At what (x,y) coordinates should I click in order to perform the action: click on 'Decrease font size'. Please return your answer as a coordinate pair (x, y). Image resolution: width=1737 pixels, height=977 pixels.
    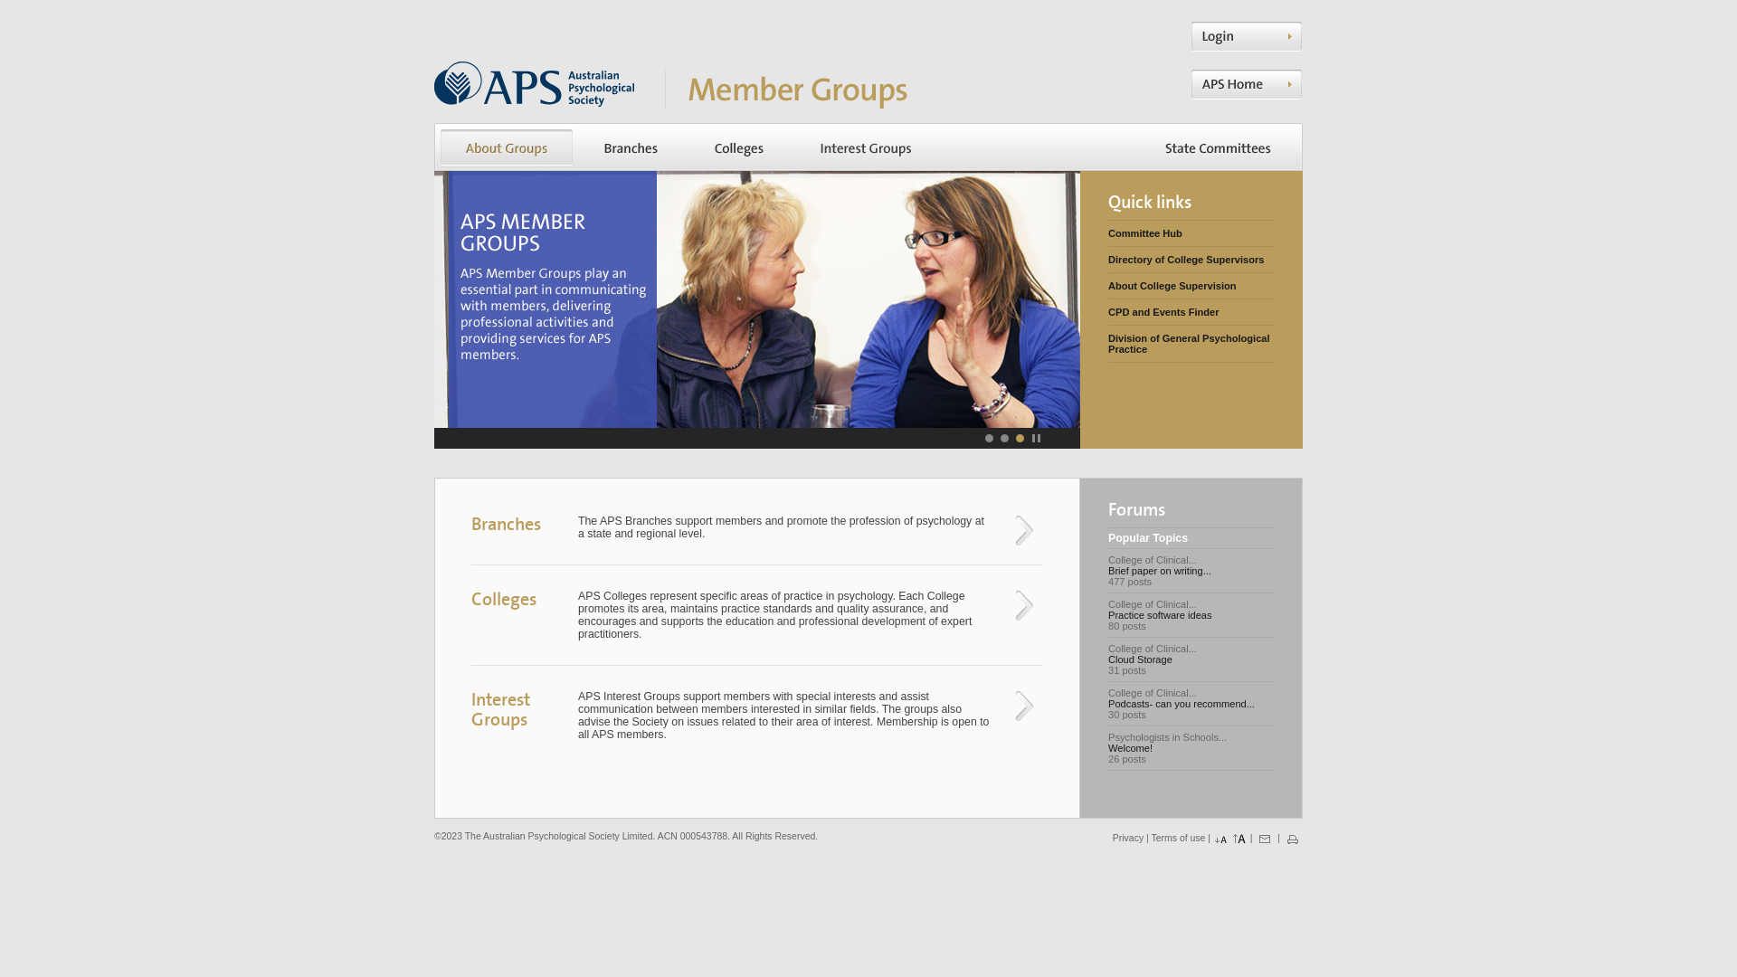
    Looking at the image, I should click on (1212, 839).